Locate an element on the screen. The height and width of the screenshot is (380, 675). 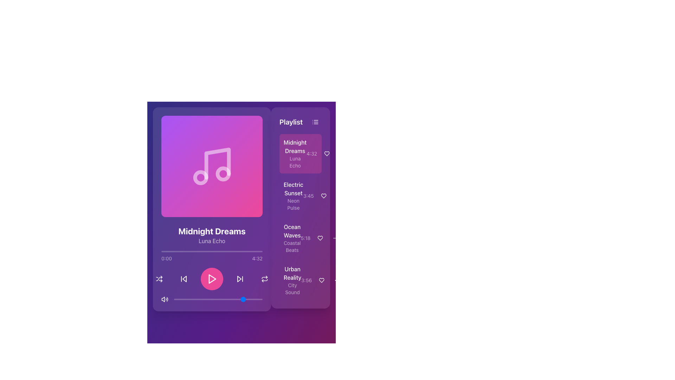
the loop action button on the purple background, which is the fifth option from the left in the audio control panel is located at coordinates (264, 279).